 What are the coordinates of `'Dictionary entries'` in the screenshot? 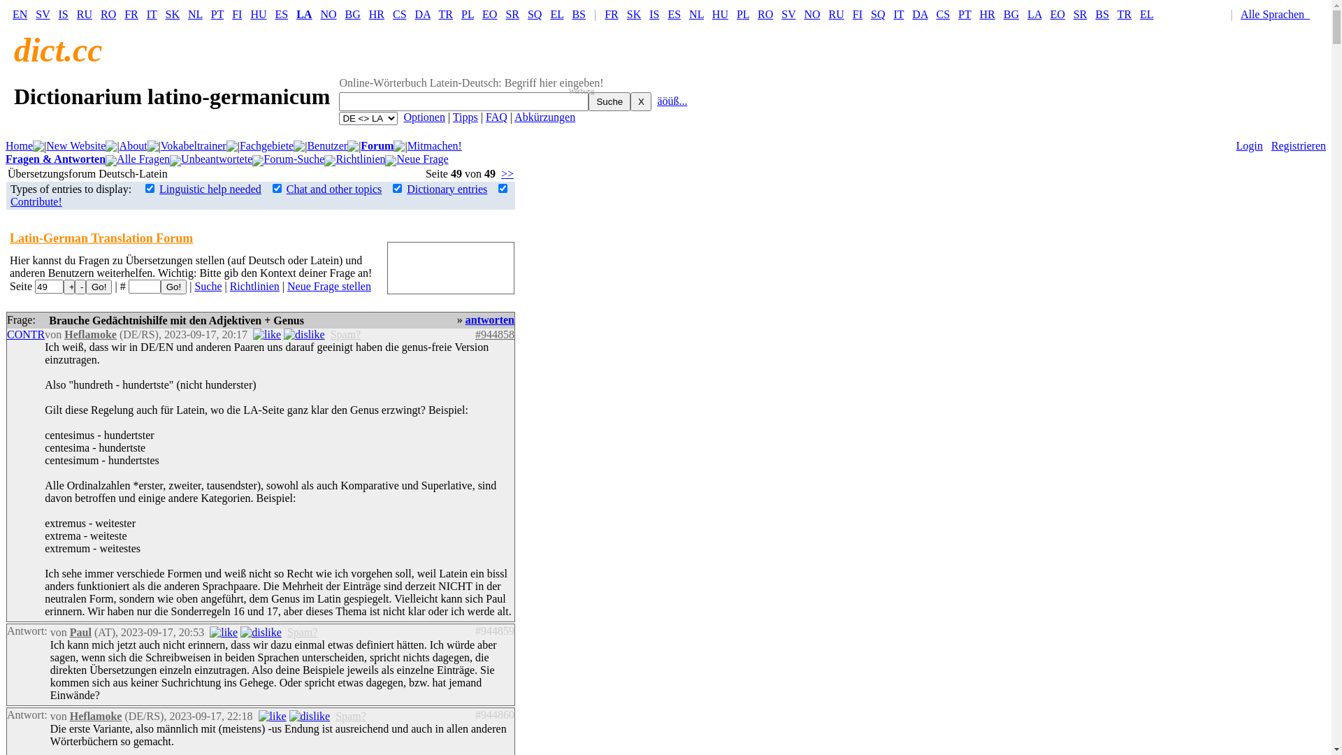 It's located at (446, 189).